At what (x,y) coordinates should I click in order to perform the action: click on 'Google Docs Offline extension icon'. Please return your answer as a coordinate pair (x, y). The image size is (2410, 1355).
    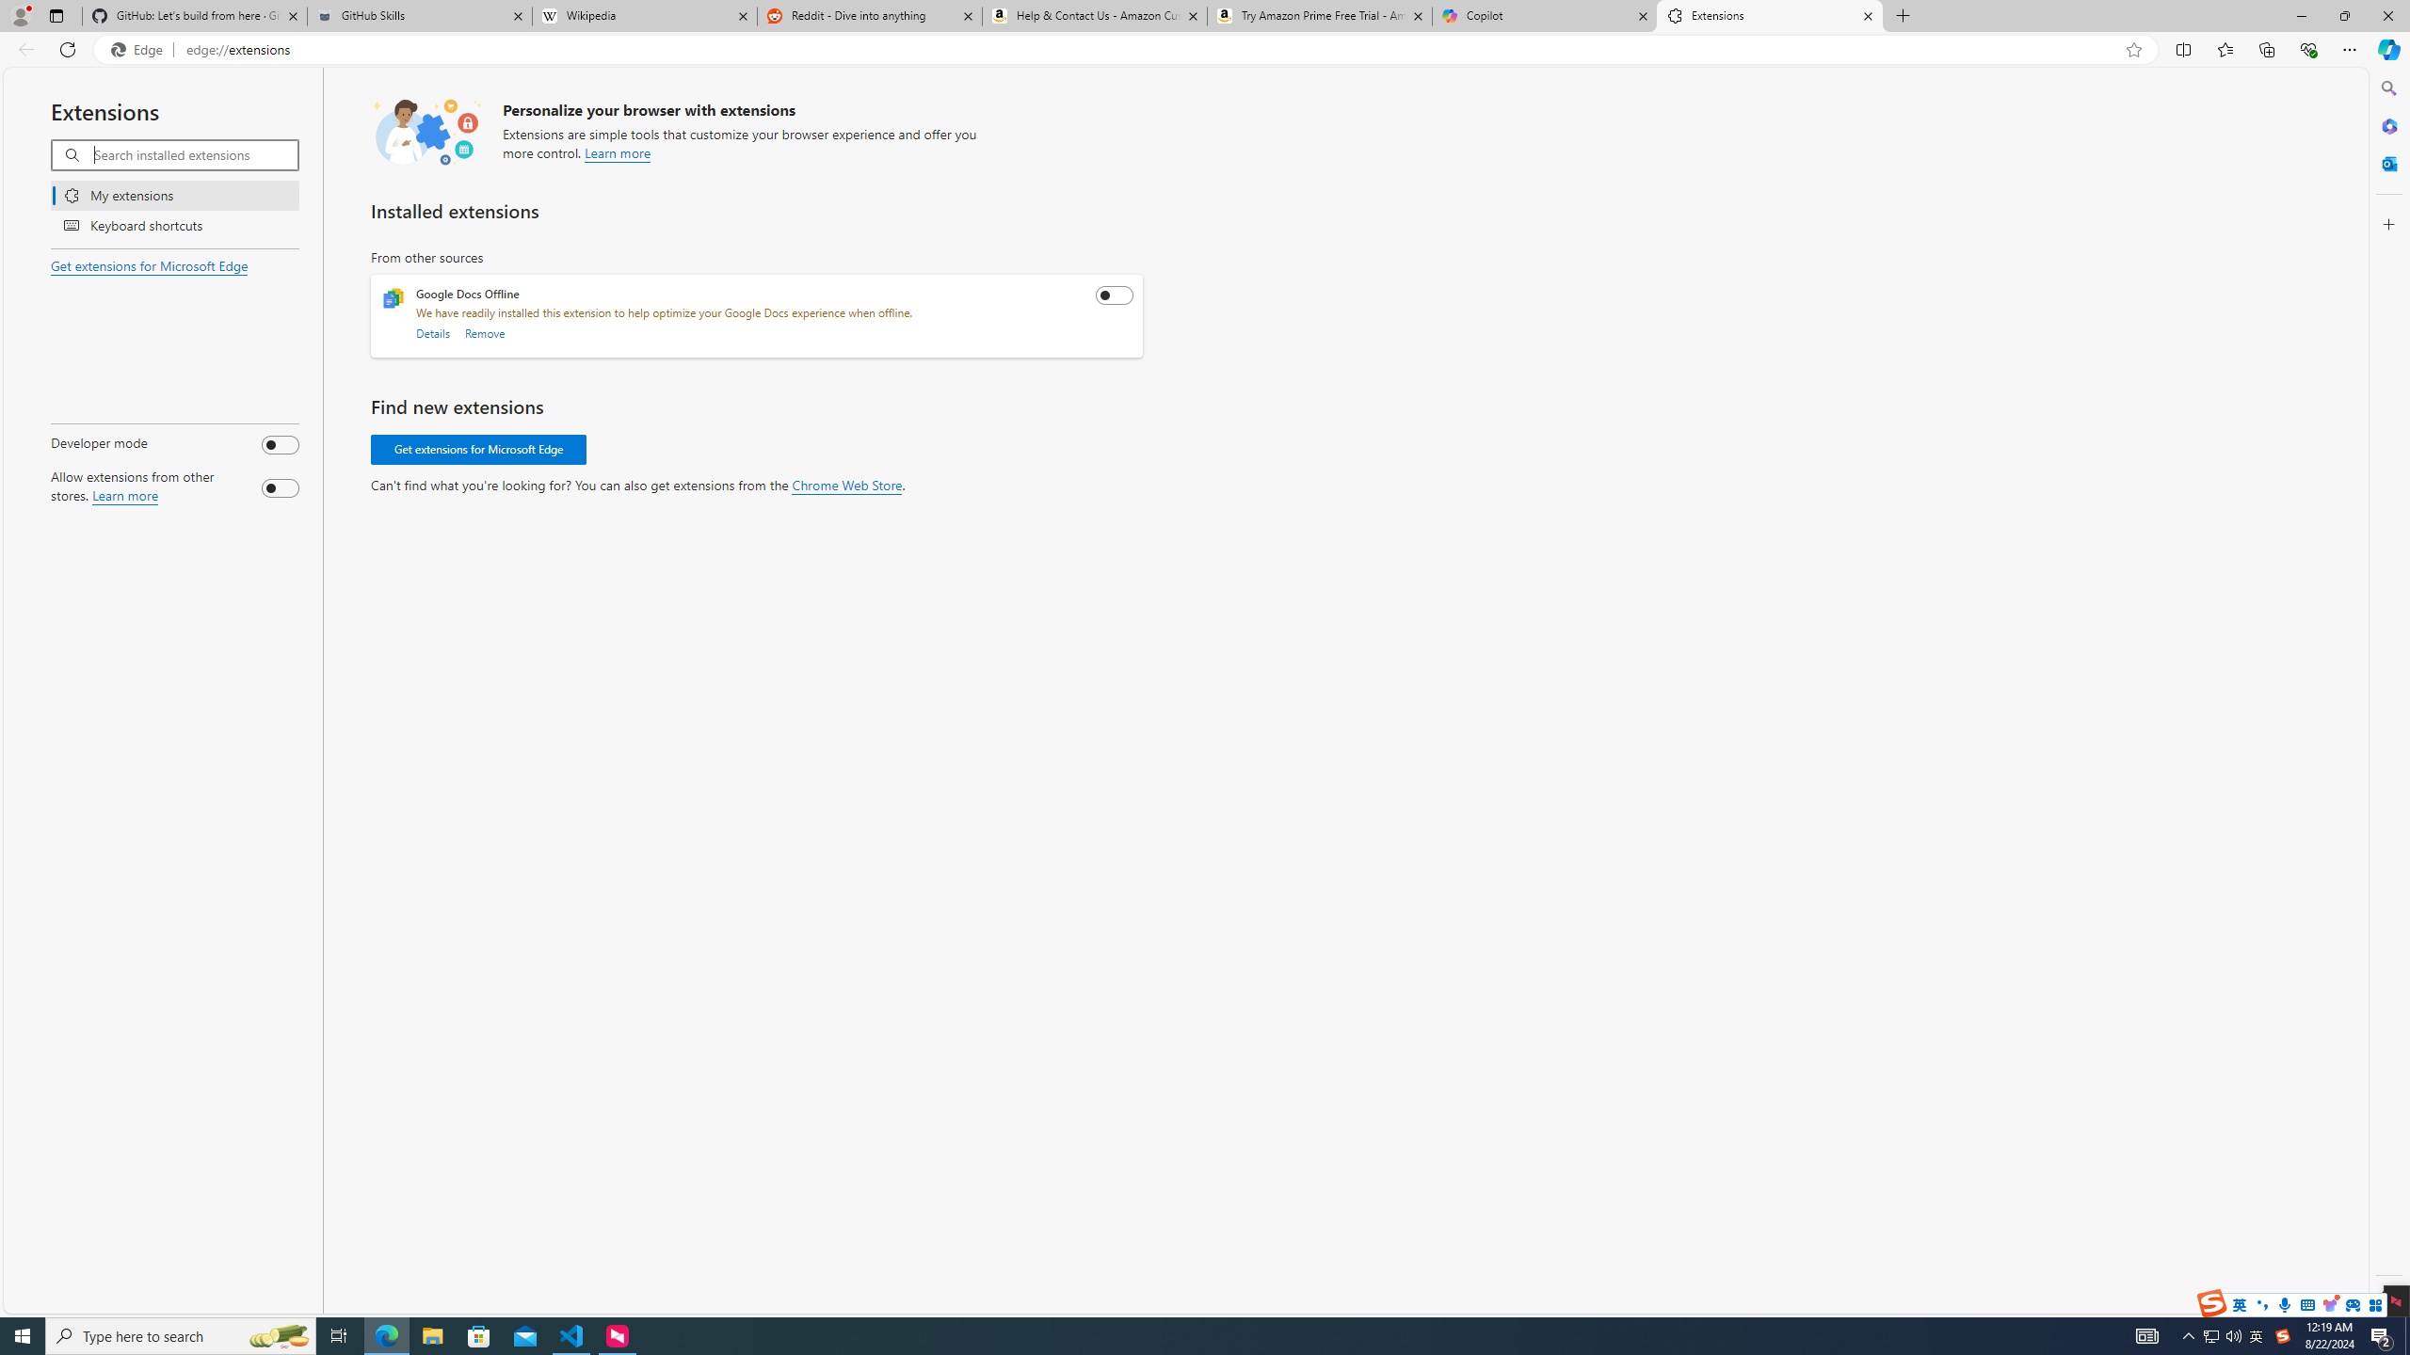
    Looking at the image, I should click on (393, 296).